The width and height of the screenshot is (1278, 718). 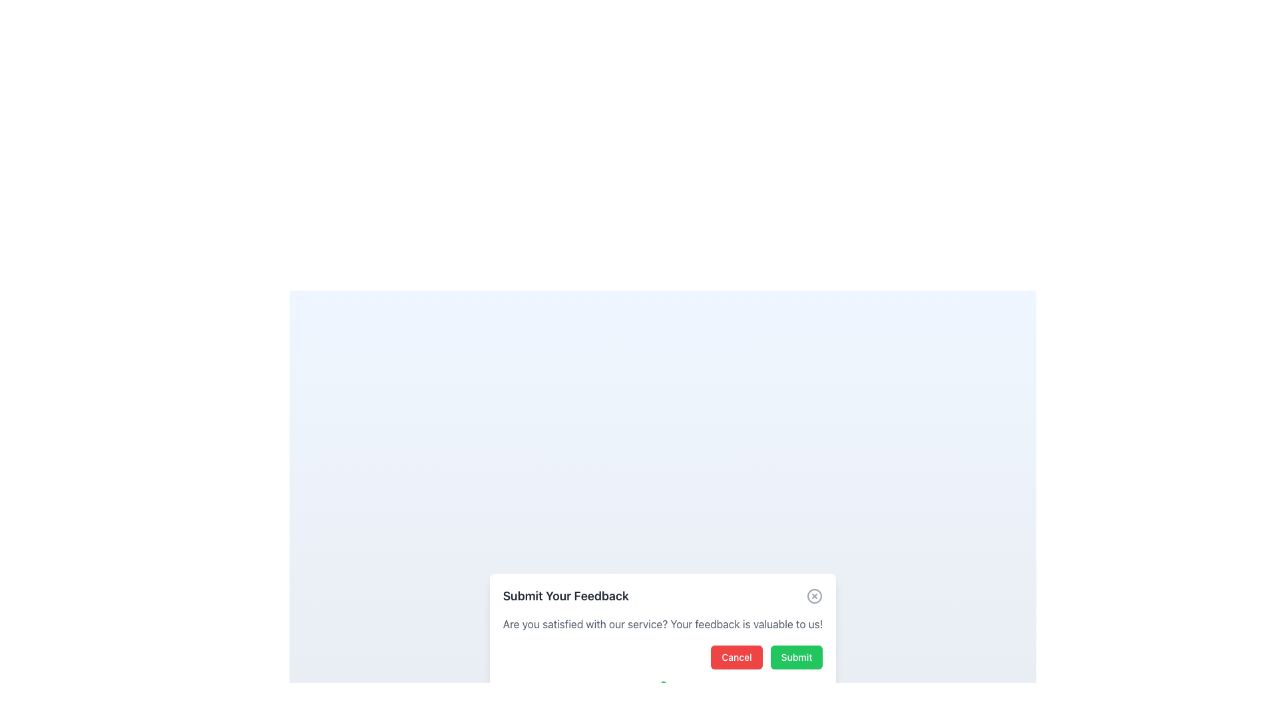 I want to click on the circular shape within the SVG graphic that serves as a cancellation or close icon adjacent to the header text of the 'Submit Your Feedback' modal, so click(x=814, y=596).